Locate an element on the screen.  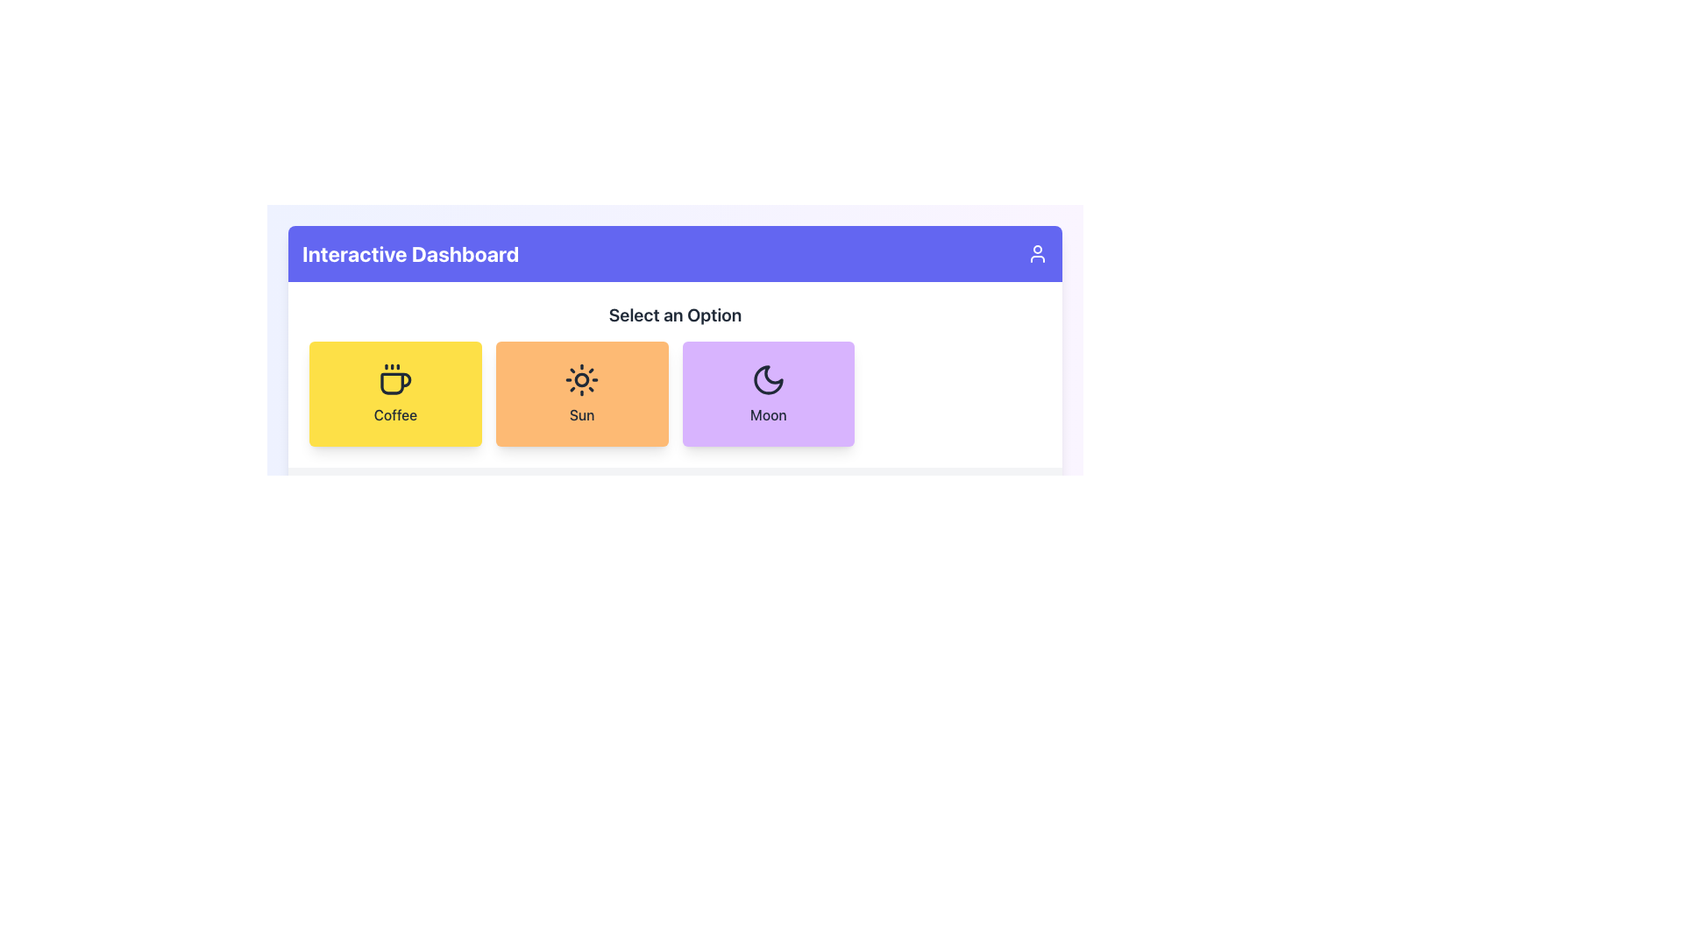
the yellow rectangular button containing the coffee cup icon is located at coordinates (394, 379).